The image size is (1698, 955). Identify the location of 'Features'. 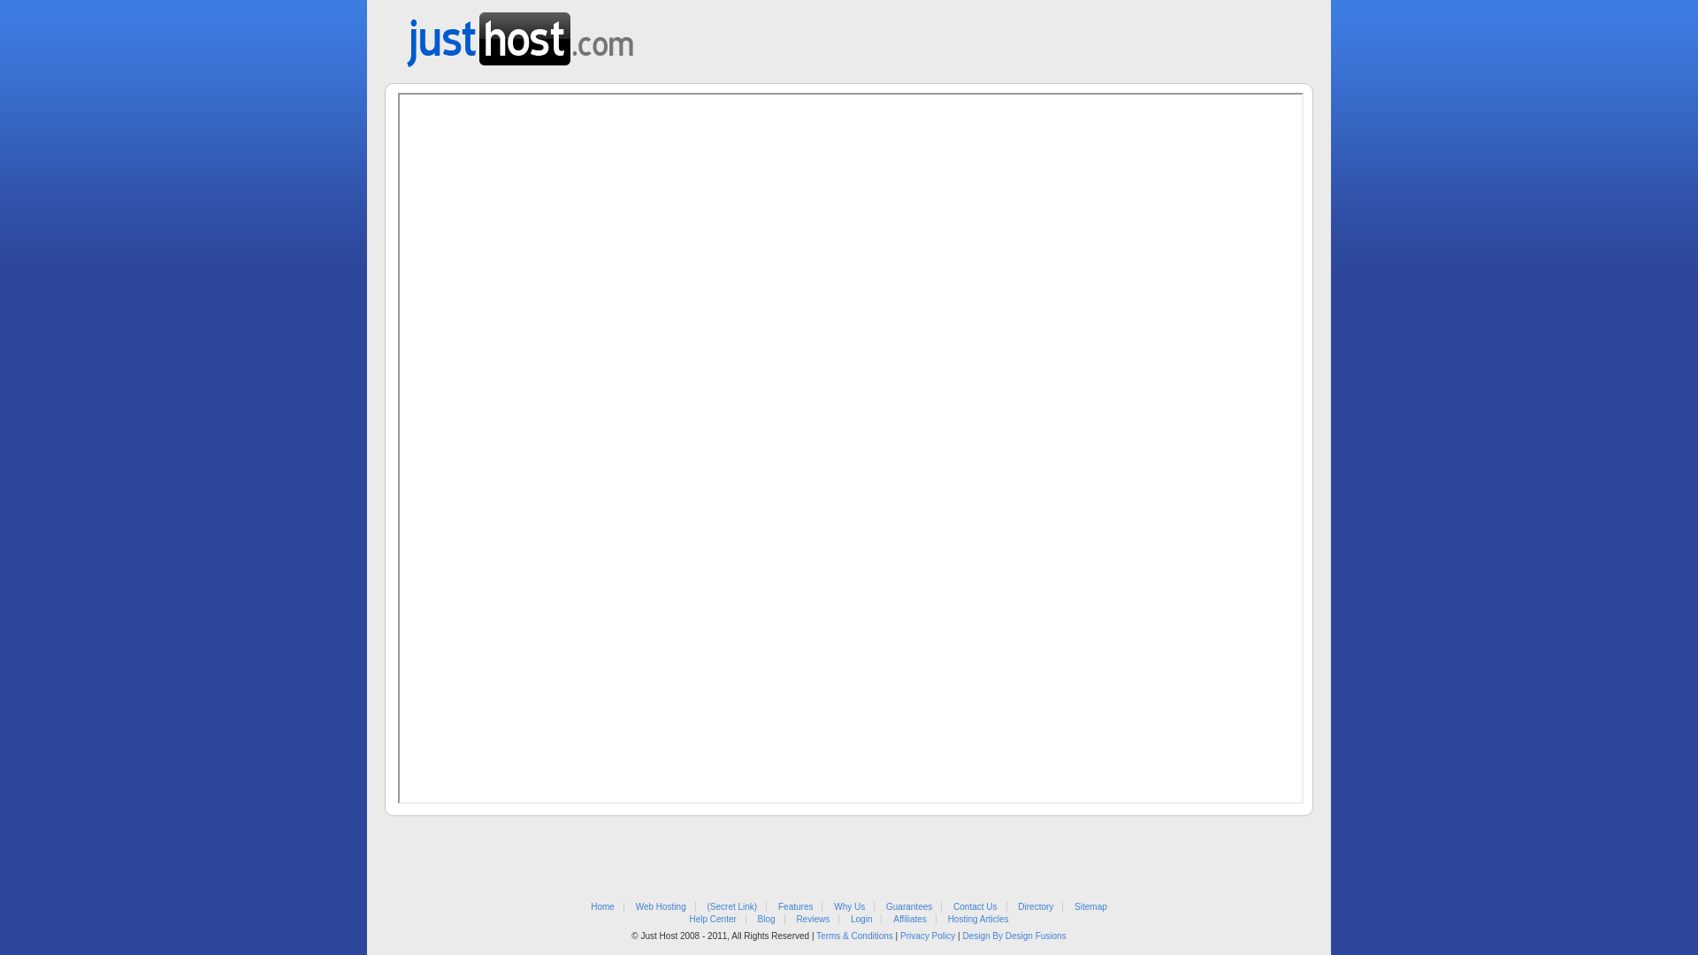
(794, 906).